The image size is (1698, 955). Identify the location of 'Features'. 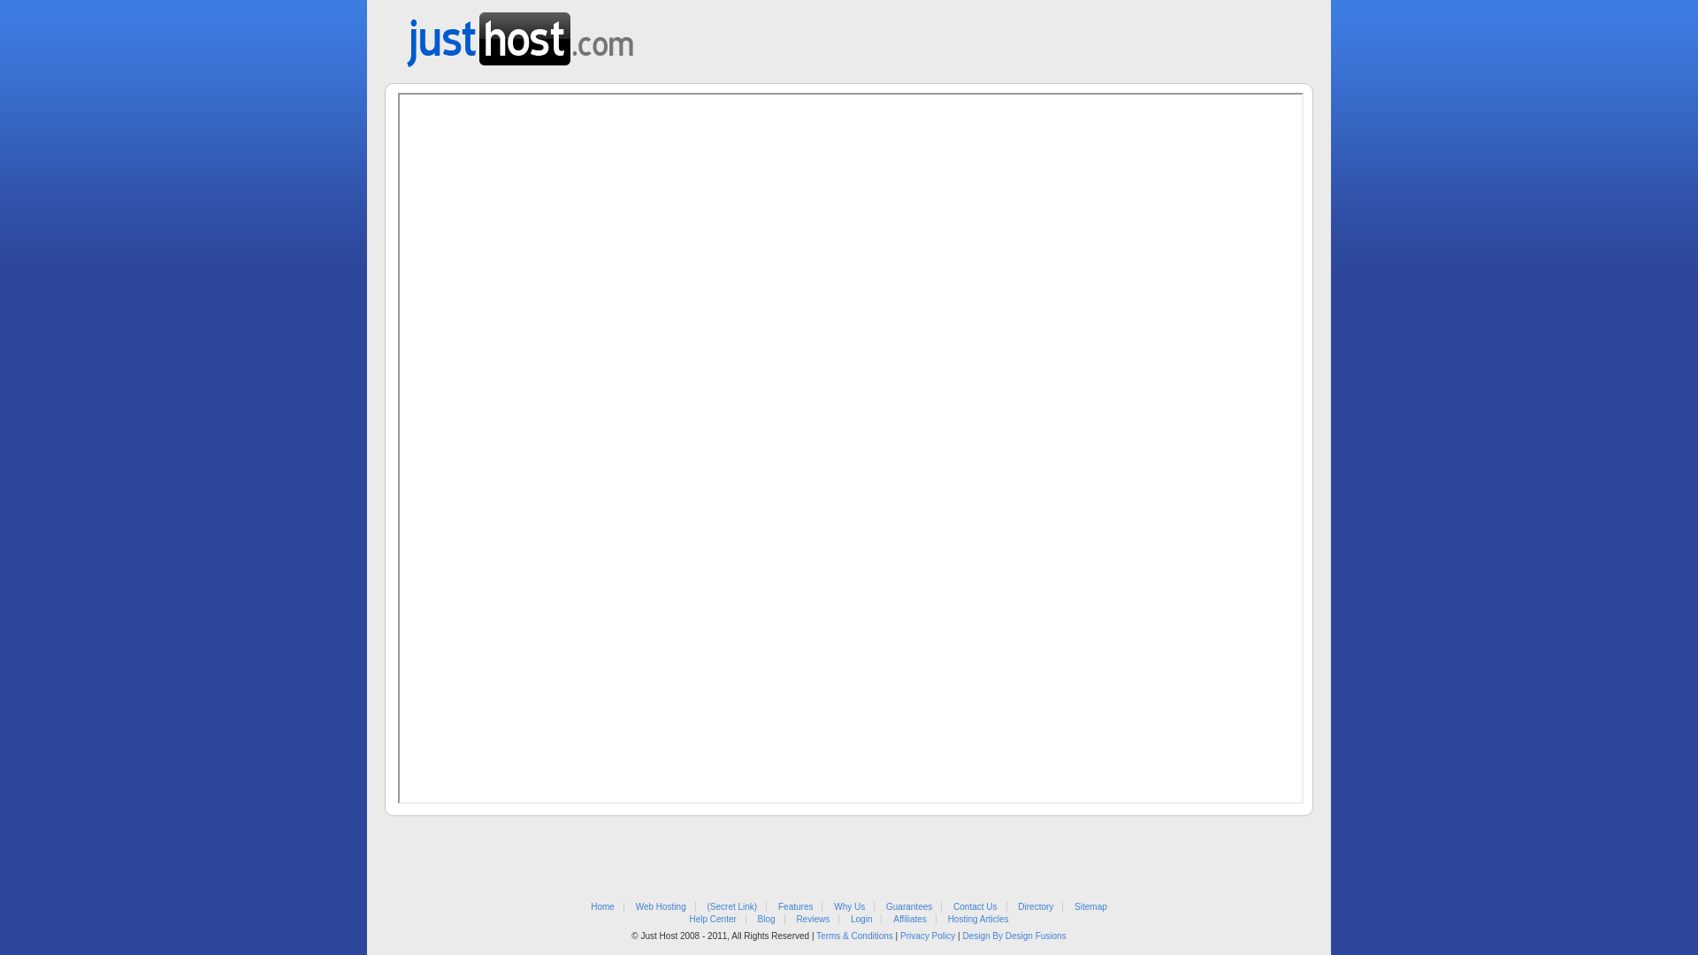
(794, 906).